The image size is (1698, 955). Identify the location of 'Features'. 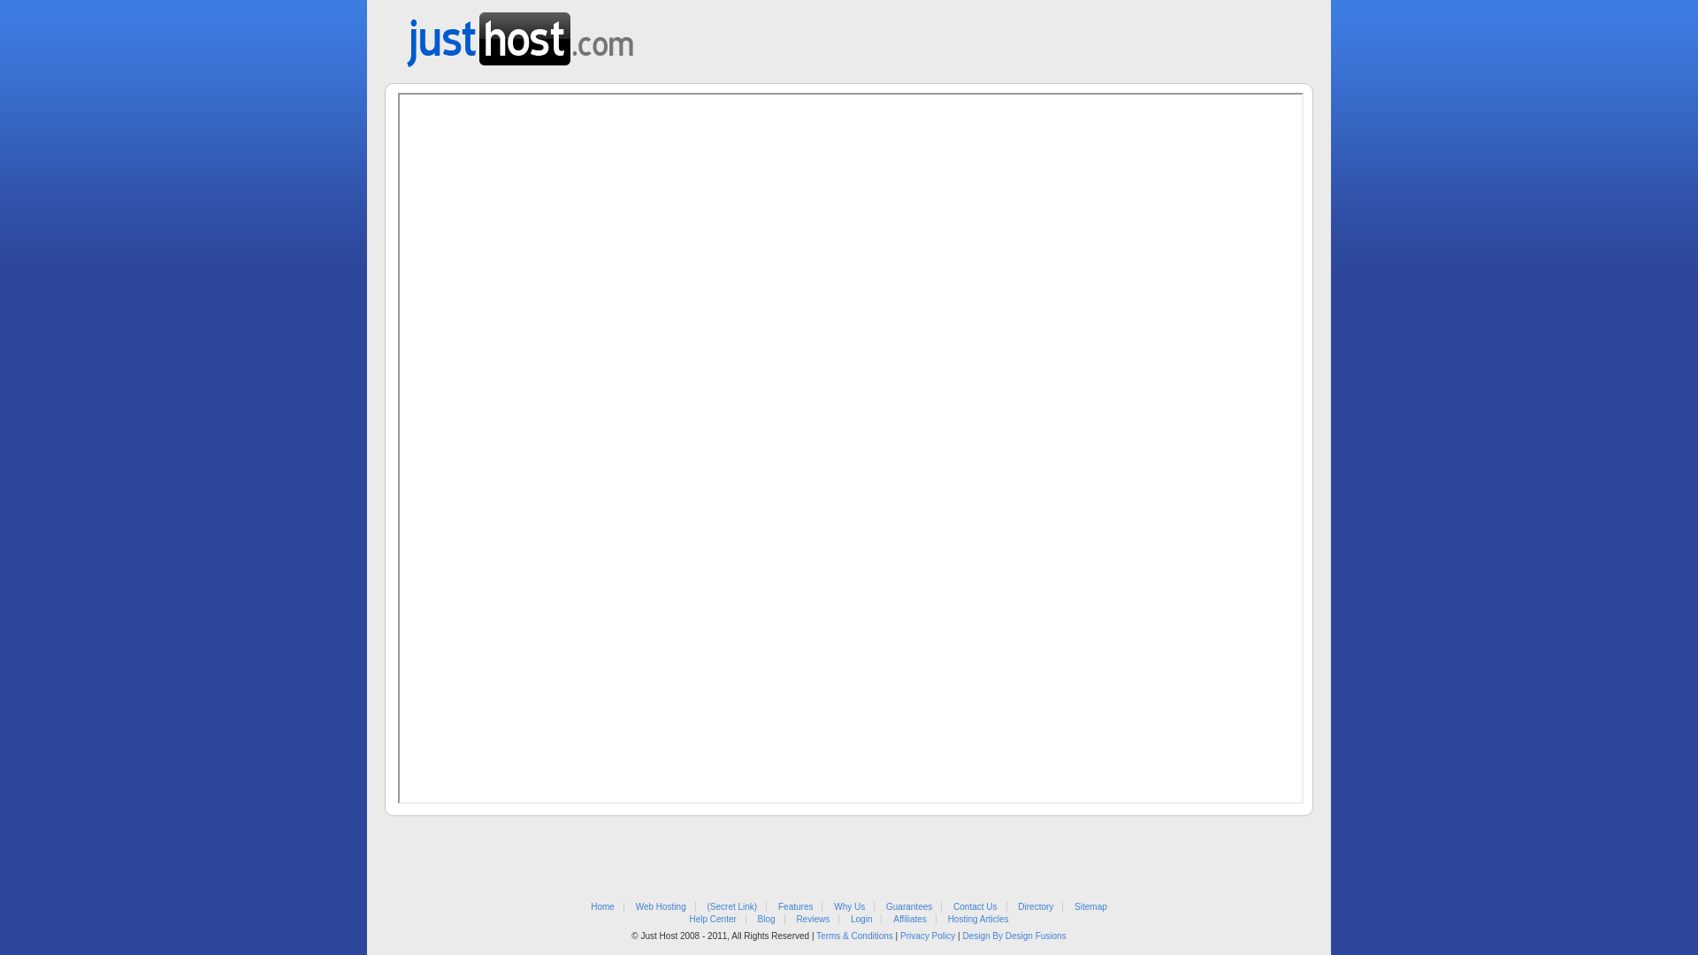
(794, 906).